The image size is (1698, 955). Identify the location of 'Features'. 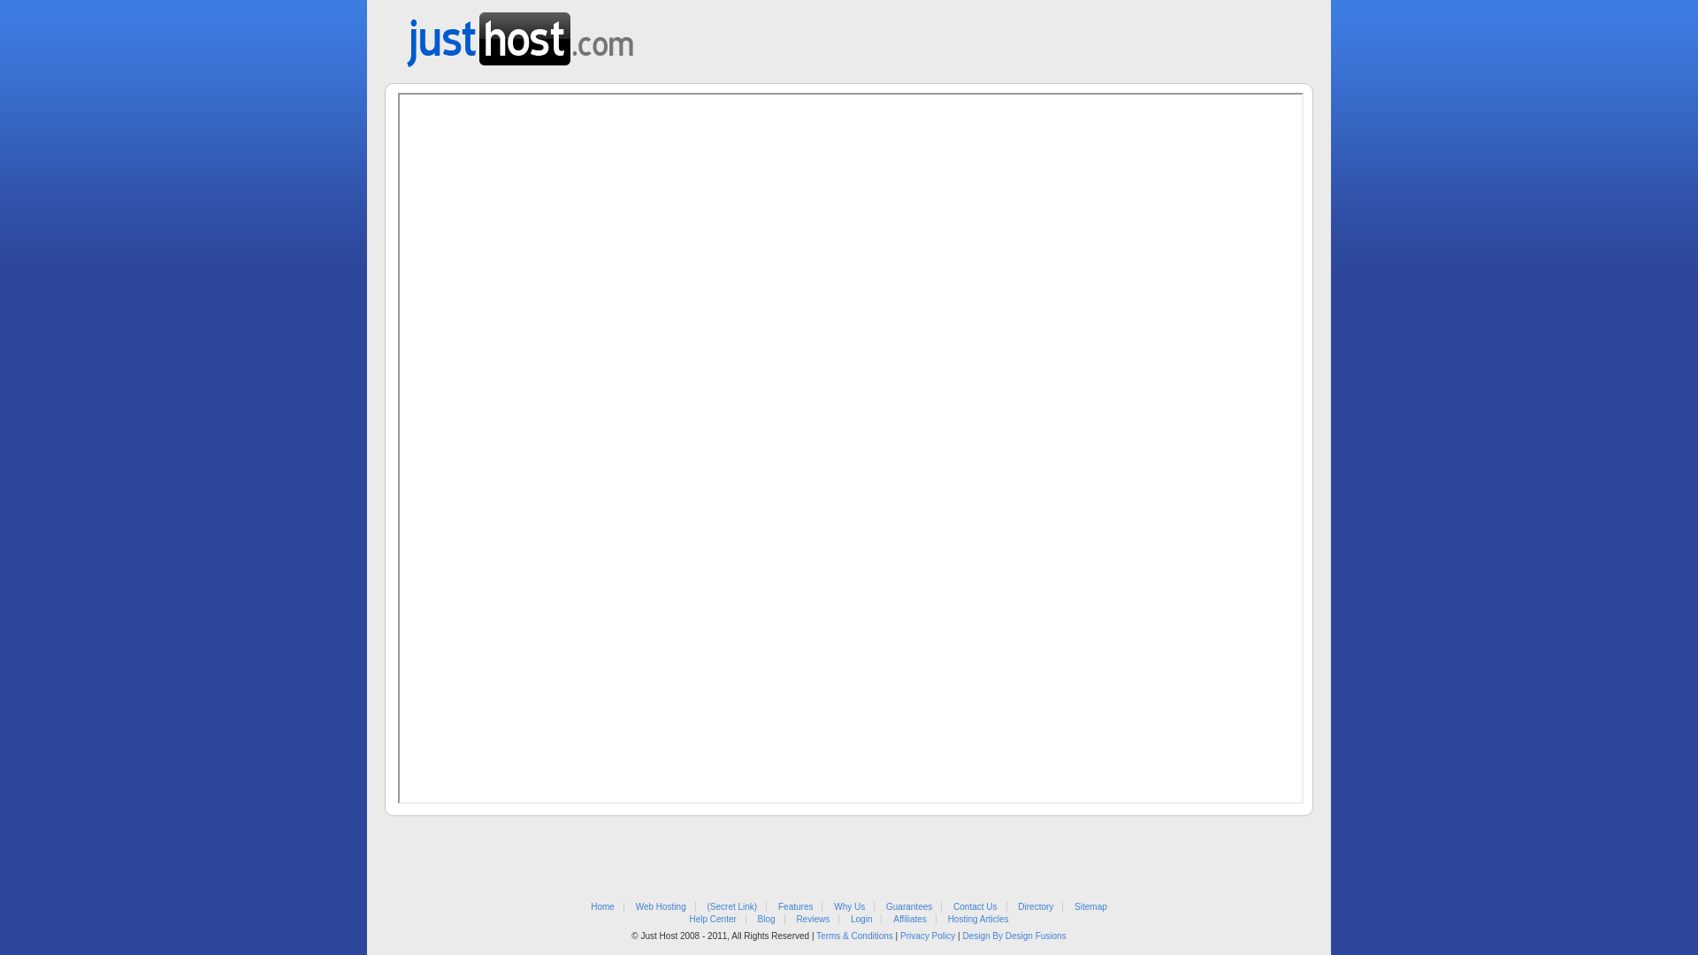
(794, 906).